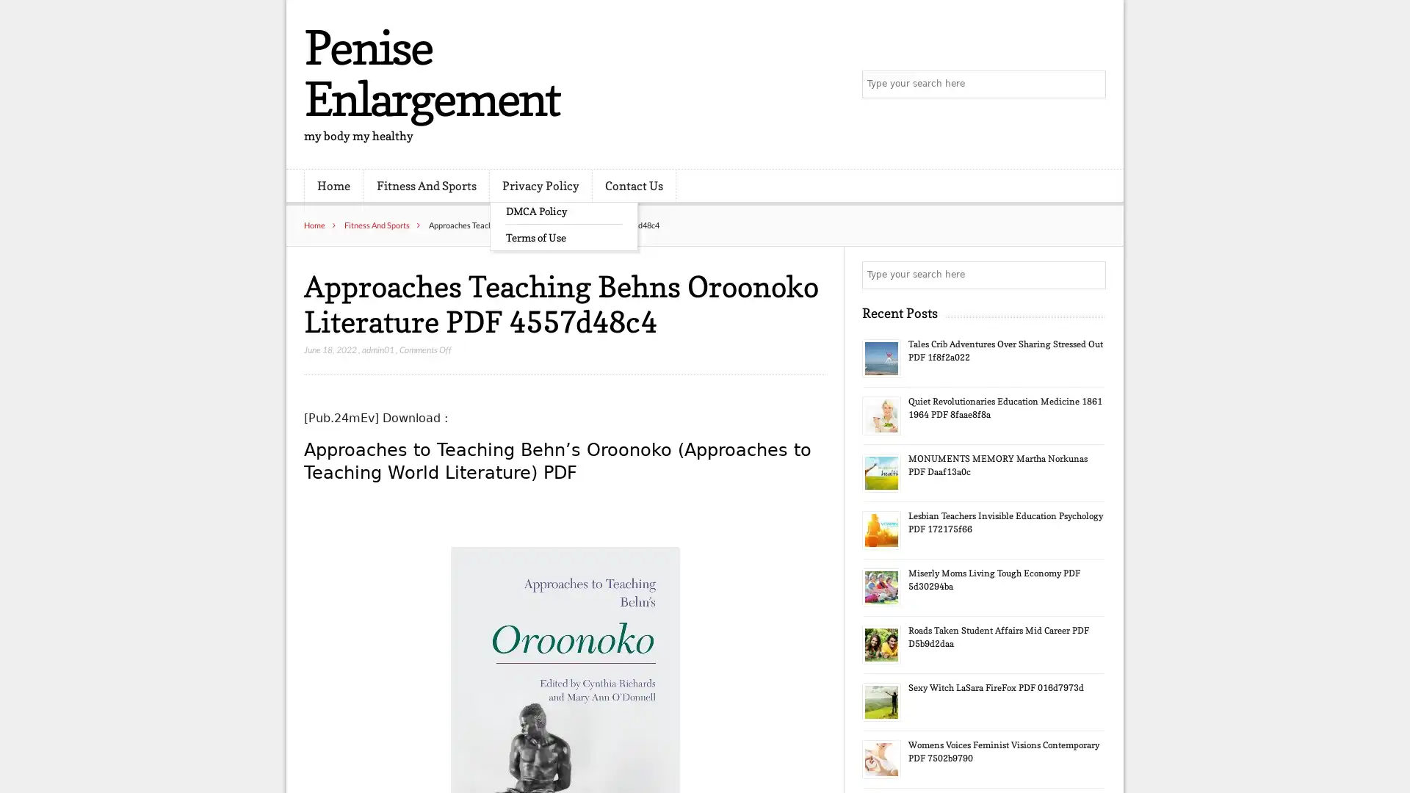 Image resolution: width=1410 pixels, height=793 pixels. Describe the element at coordinates (1091, 84) in the screenshot. I see `Search` at that location.